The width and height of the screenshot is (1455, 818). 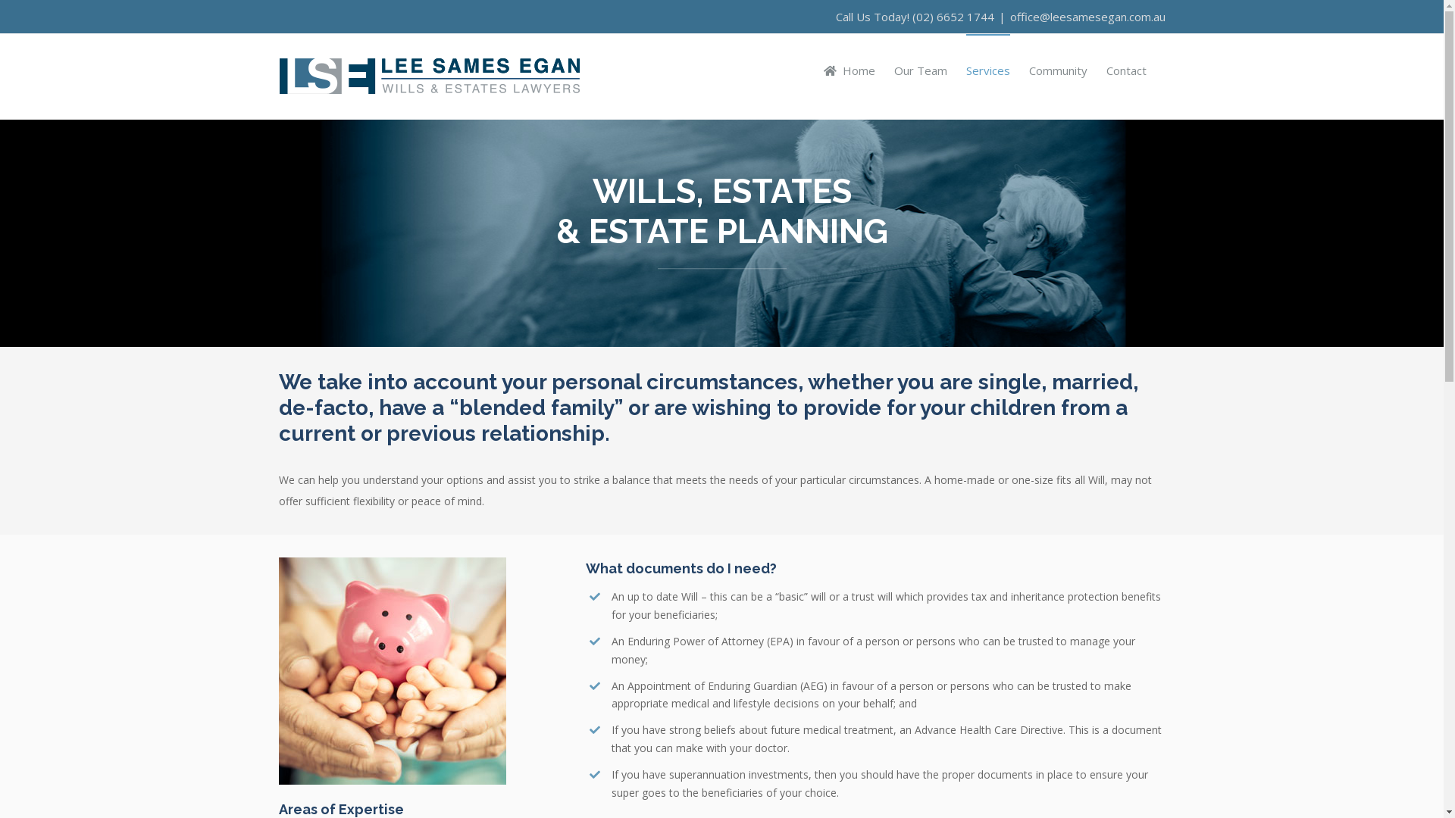 What do you see at coordinates (1057, 70) in the screenshot?
I see `'Community'` at bounding box center [1057, 70].